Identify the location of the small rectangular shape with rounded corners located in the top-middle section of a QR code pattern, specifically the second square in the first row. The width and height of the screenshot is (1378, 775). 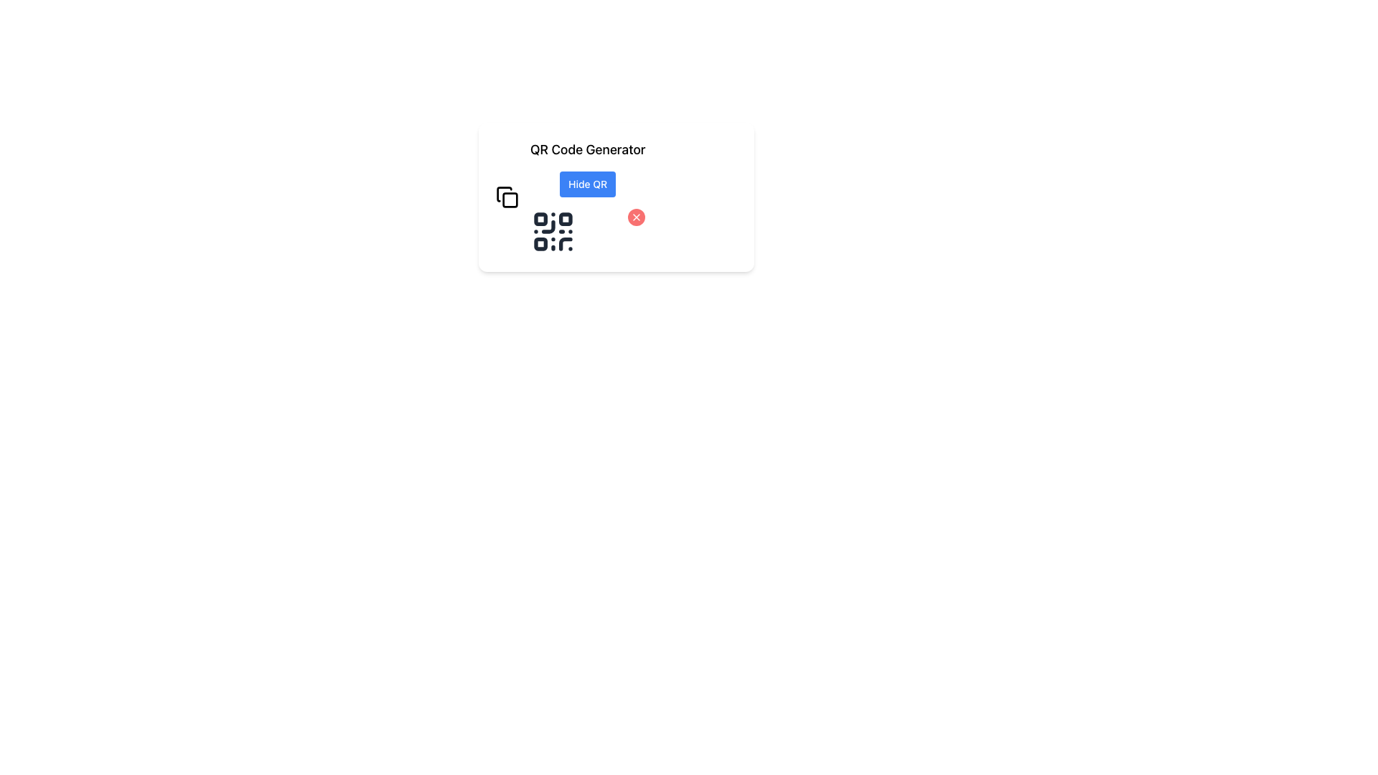
(565, 219).